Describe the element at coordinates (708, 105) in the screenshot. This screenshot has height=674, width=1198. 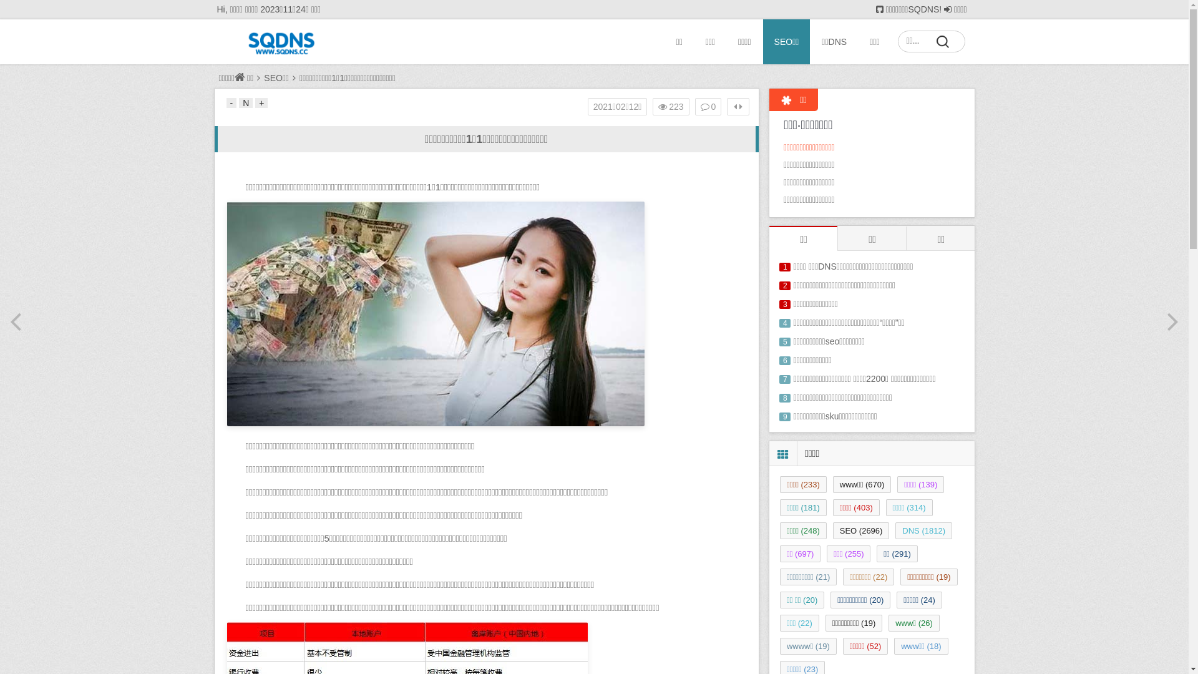
I see `'0'` at that location.